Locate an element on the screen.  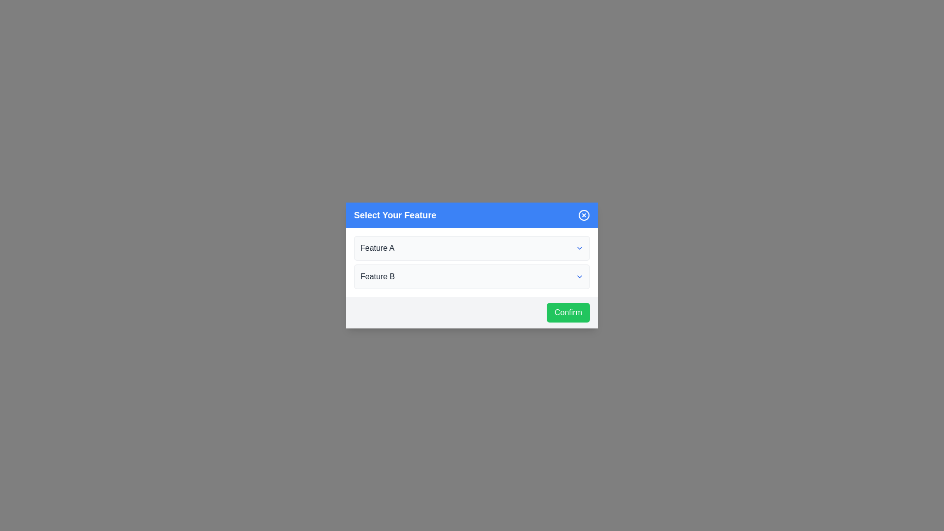
the dropdown toggle button located to the right of 'Feature B' is located at coordinates (580, 277).